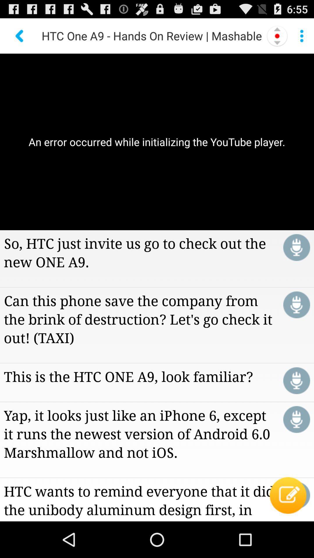 This screenshot has height=558, width=314. Describe the element at coordinates (277, 35) in the screenshot. I see `item next to htc one a9 icon` at that location.